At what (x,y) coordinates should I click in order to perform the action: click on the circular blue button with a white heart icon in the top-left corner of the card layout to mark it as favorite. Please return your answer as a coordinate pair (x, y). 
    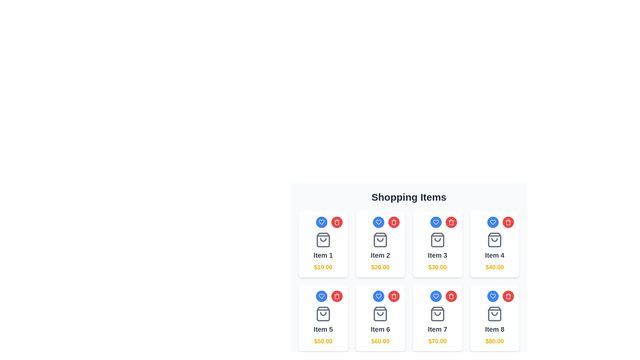
    Looking at the image, I should click on (321, 222).